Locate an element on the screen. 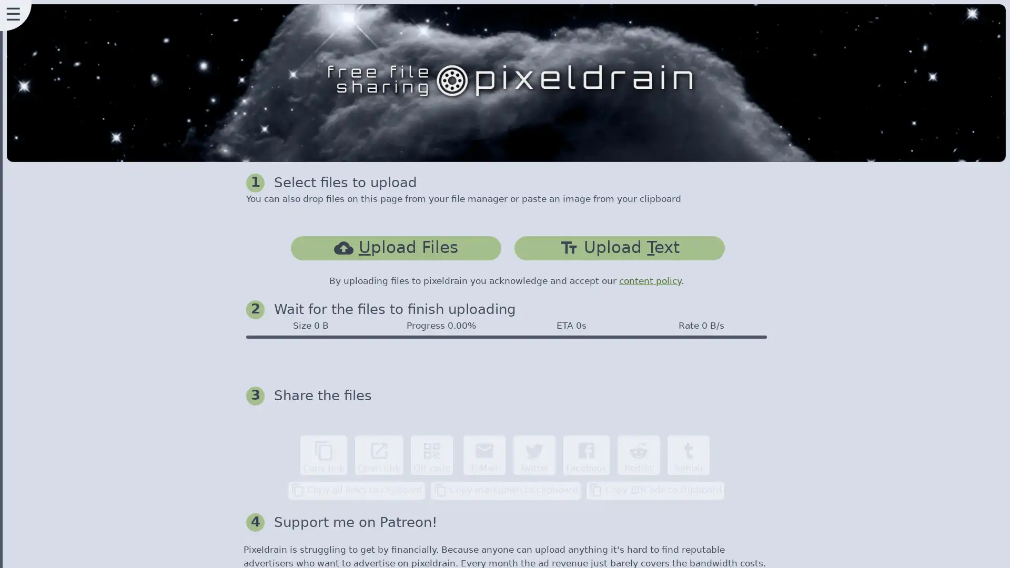 The height and width of the screenshot is (568, 1010). Tumblr is located at coordinates (763, 454).